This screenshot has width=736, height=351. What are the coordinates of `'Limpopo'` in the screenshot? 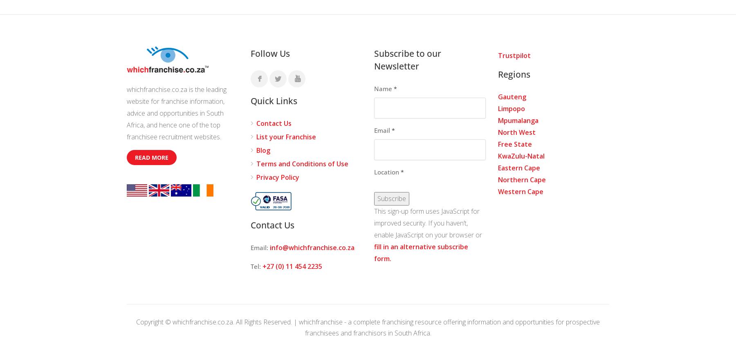 It's located at (511, 108).